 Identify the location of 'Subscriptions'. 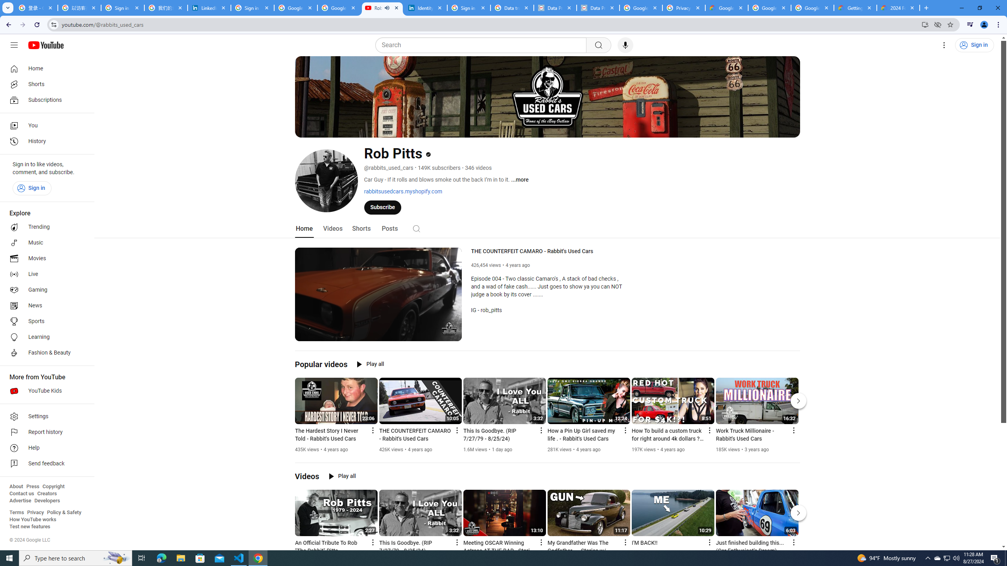
(44, 99).